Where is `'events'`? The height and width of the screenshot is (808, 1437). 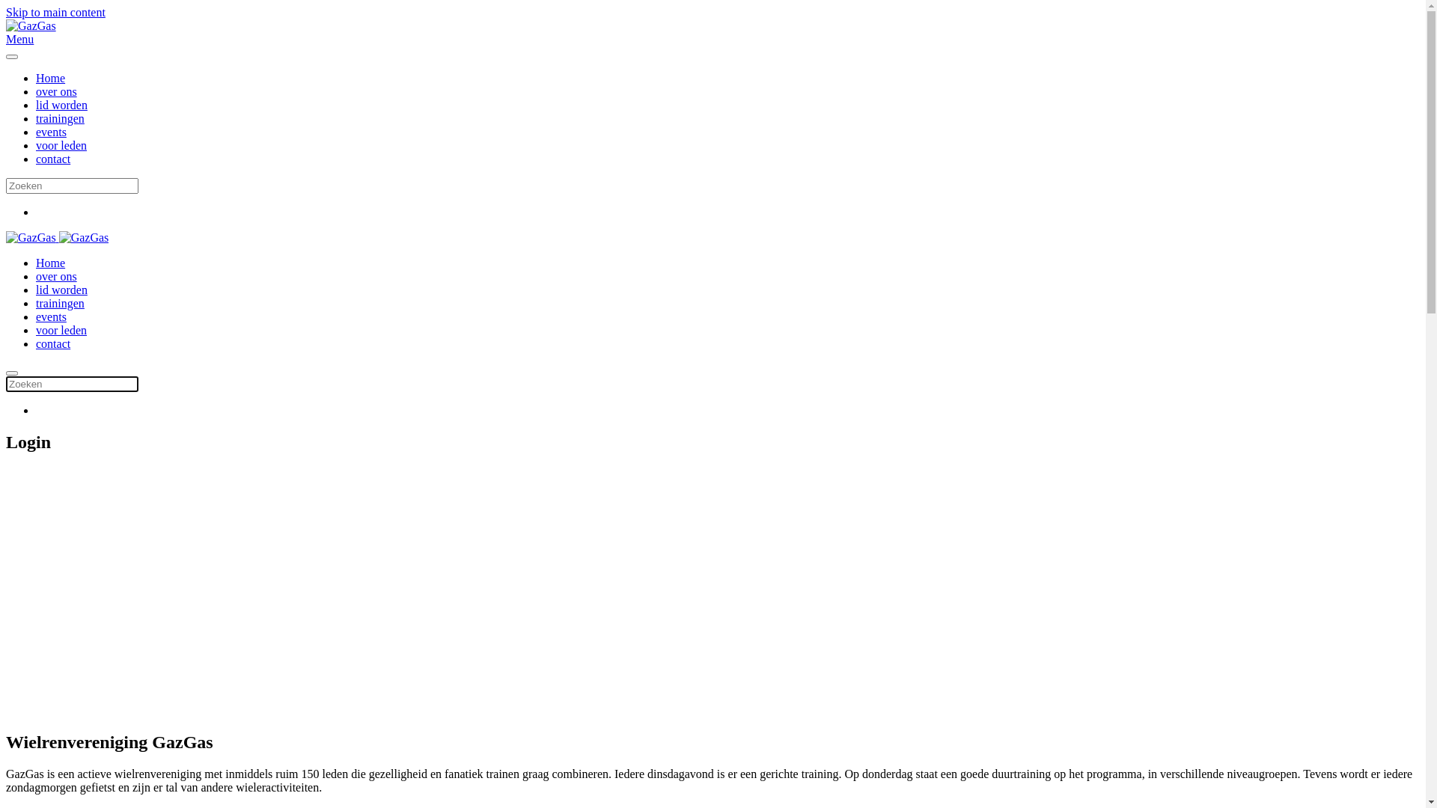 'events' is located at coordinates (51, 316).